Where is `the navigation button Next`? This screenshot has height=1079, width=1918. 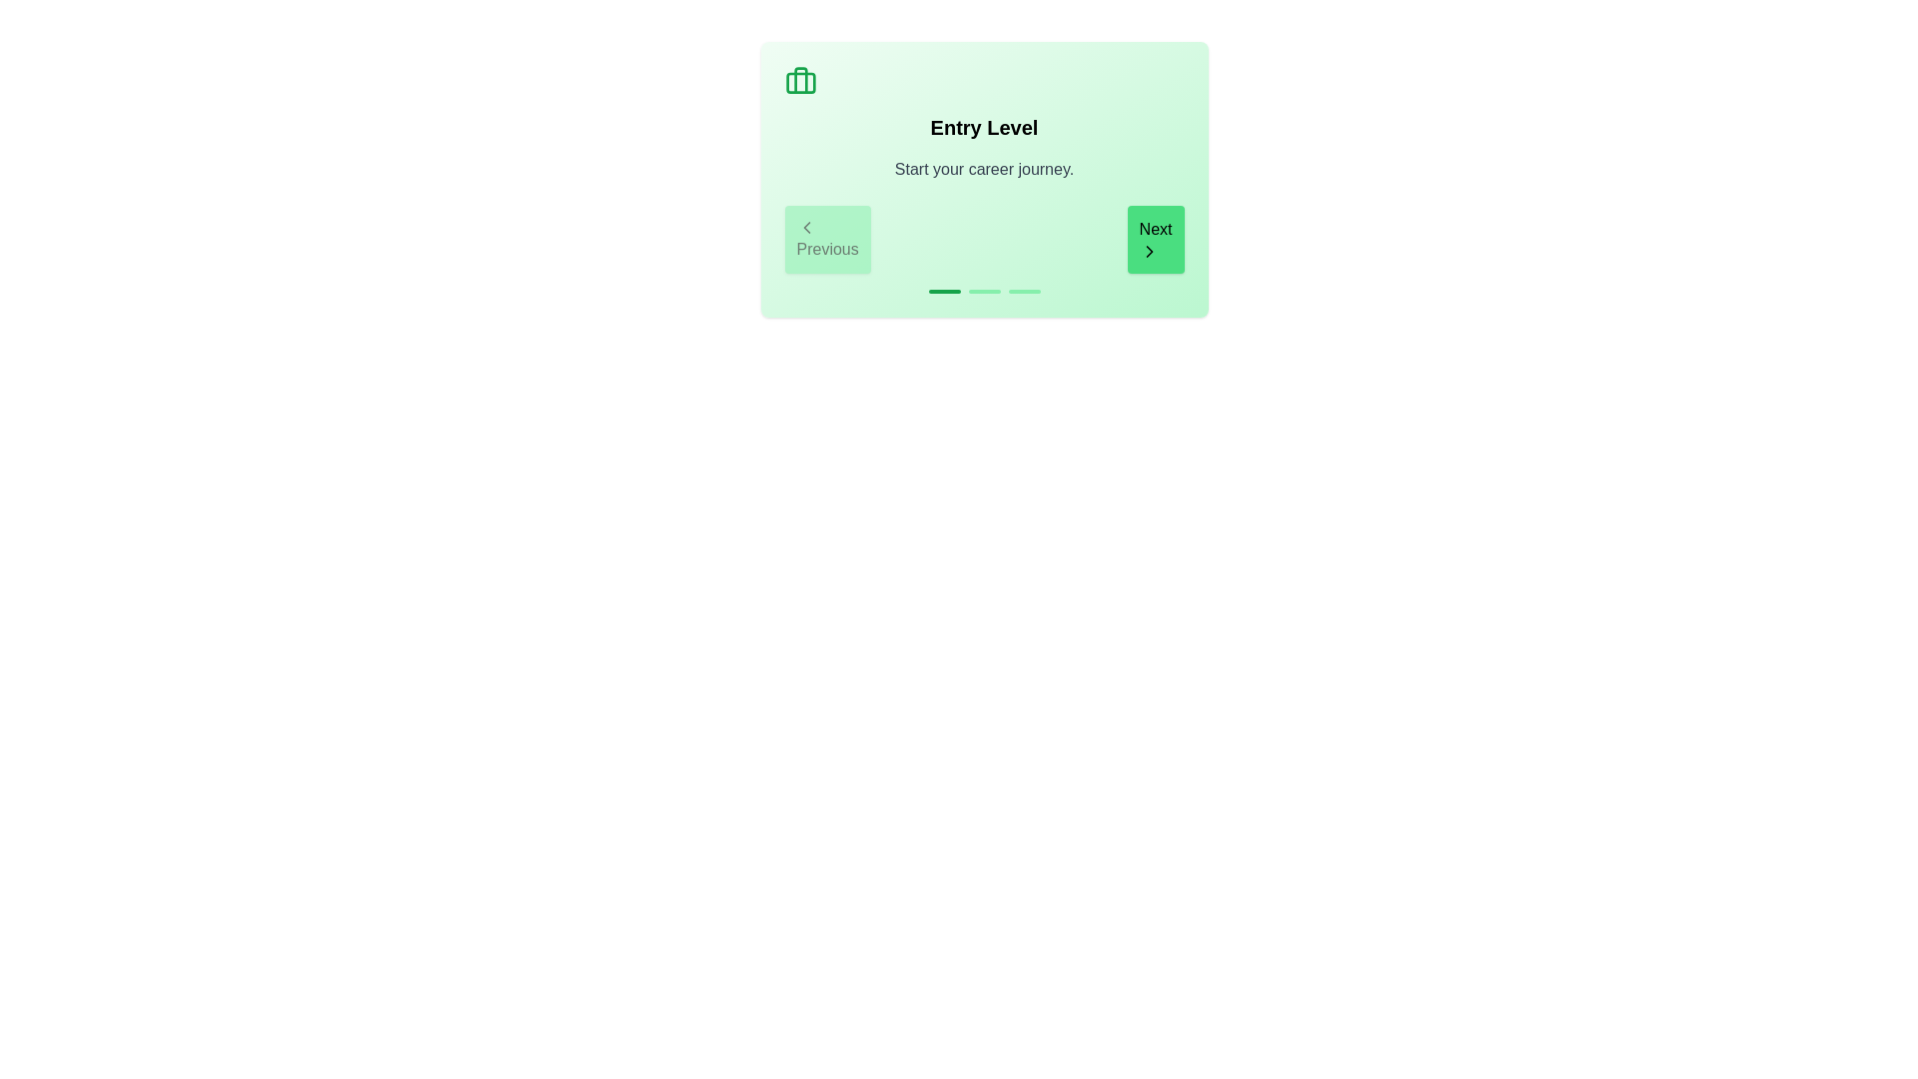 the navigation button Next is located at coordinates (1155, 238).